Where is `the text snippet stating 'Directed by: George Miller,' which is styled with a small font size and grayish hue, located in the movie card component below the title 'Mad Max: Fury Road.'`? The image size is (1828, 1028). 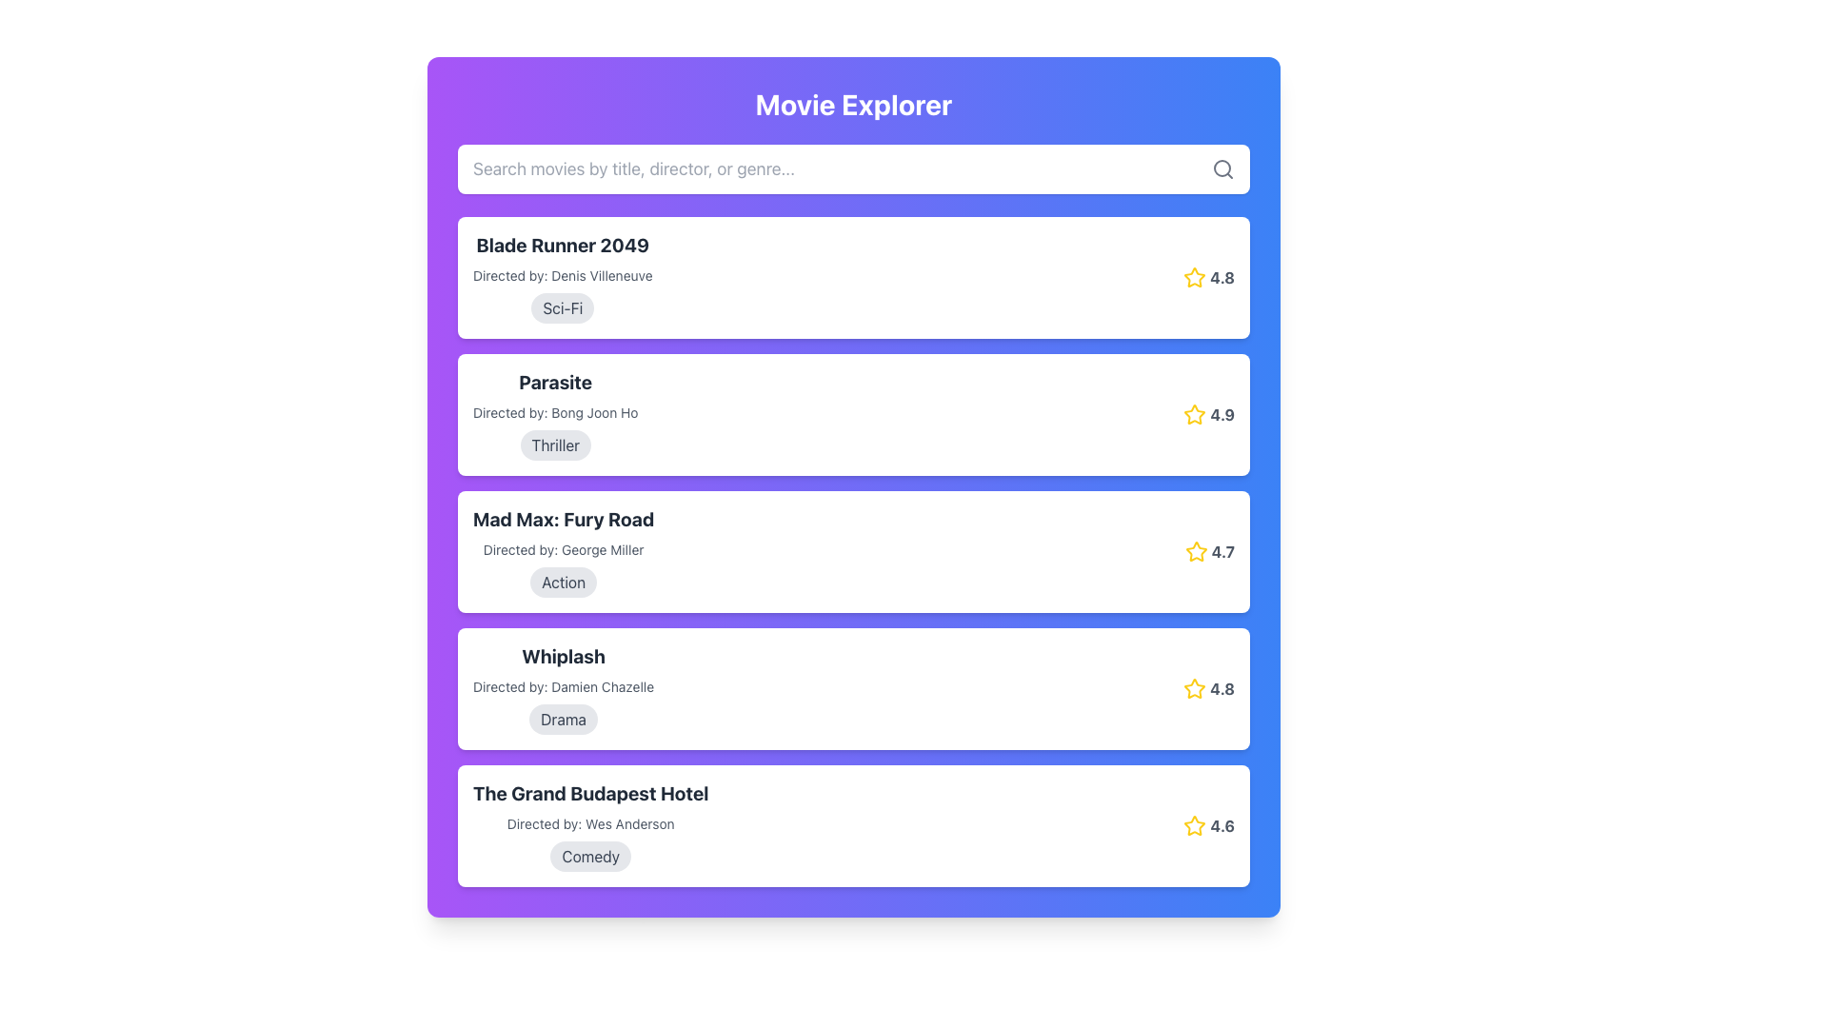
the text snippet stating 'Directed by: George Miller,' which is styled with a small font size and grayish hue, located in the movie card component below the title 'Mad Max: Fury Road.' is located at coordinates (563, 550).